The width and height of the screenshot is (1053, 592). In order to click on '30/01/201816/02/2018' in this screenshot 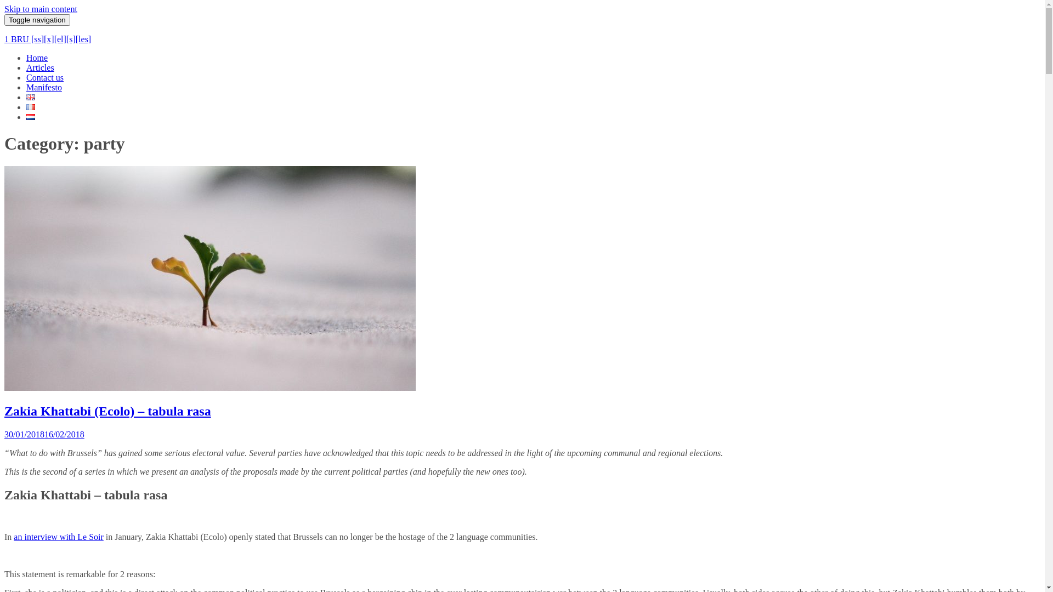, I will do `click(4, 434)`.